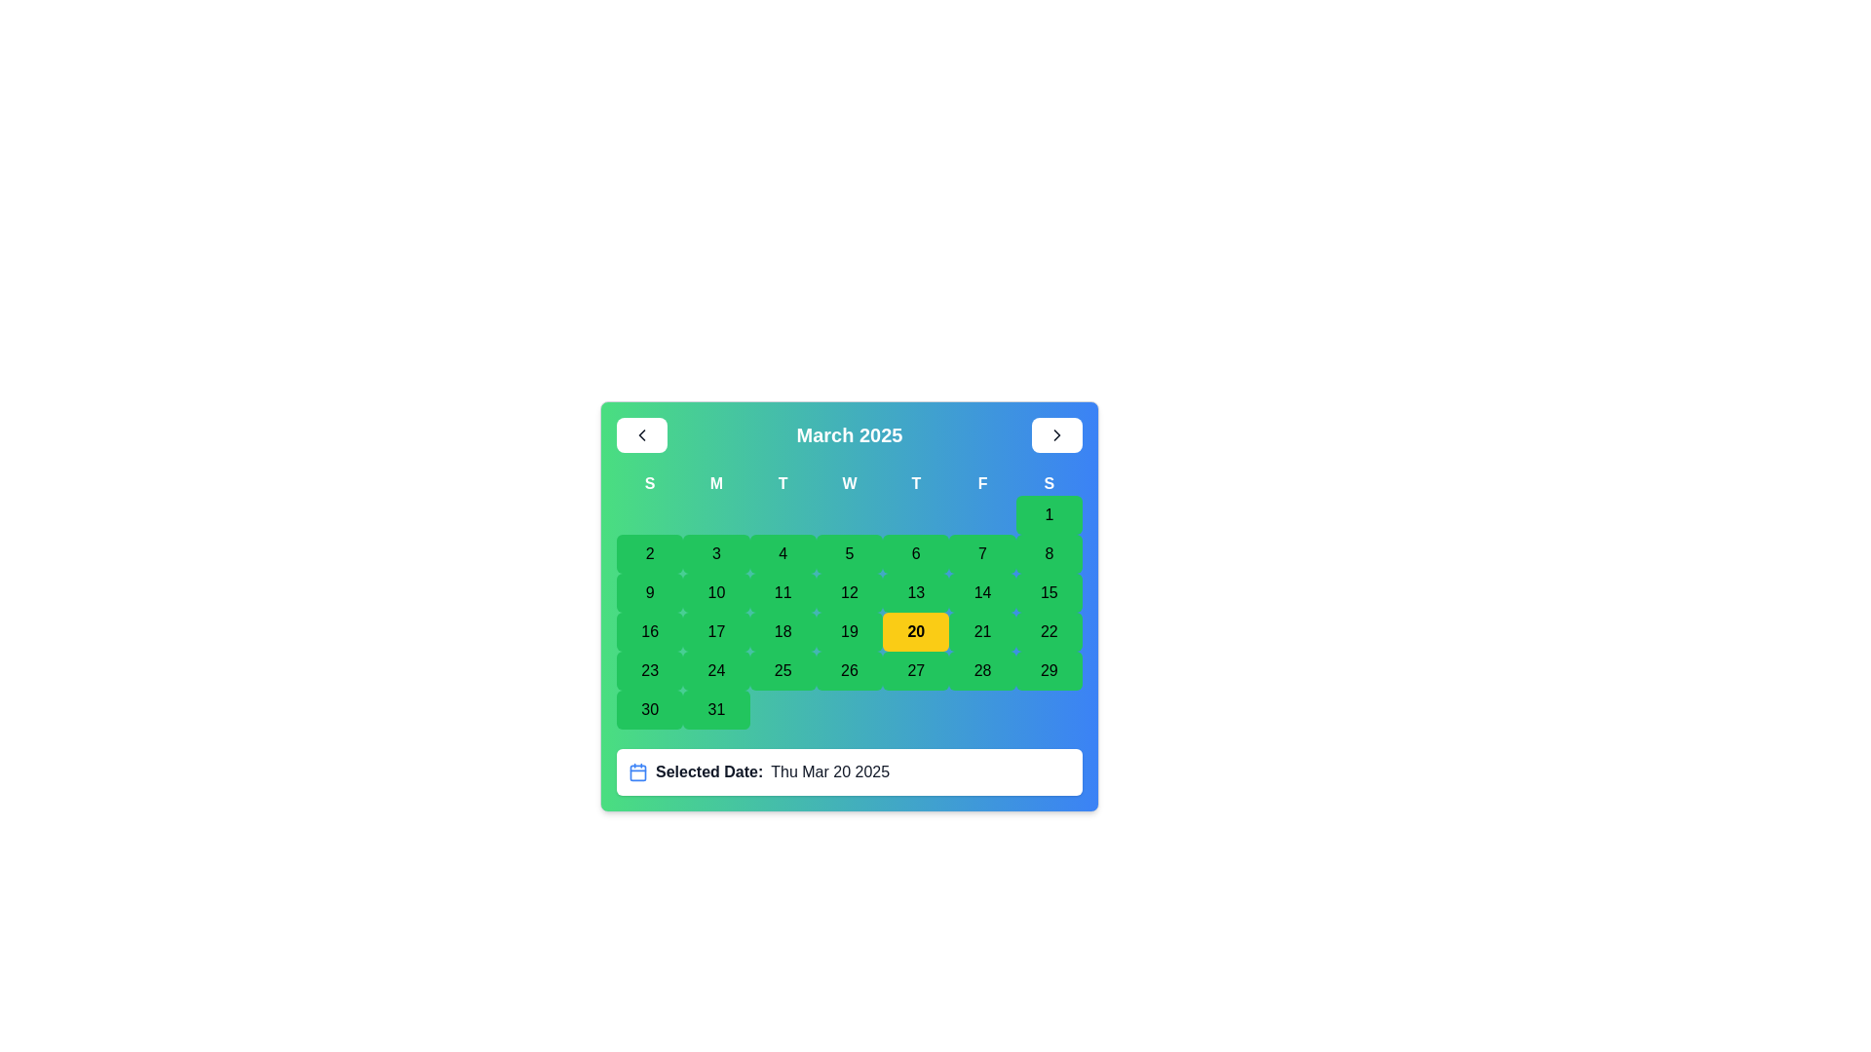 This screenshot has height=1052, width=1871. I want to click on the right-facing chevron icon within the button located at the top-right corner of the calendar interface, so click(1055, 434).